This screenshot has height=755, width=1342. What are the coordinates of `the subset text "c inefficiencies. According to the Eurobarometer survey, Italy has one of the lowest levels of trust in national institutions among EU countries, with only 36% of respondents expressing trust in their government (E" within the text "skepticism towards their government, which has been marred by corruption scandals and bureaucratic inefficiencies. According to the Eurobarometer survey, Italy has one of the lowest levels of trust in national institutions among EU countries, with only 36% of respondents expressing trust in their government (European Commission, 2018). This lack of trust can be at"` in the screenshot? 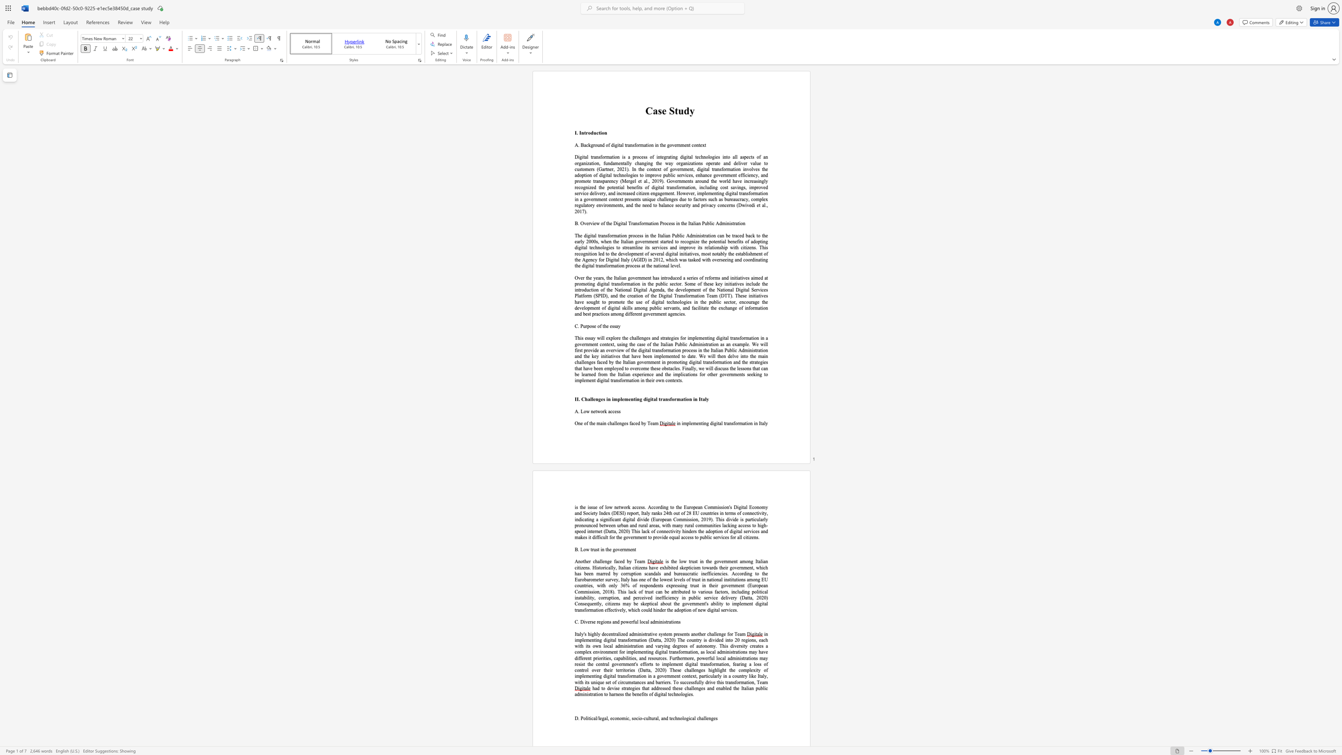 It's located at (695, 573).